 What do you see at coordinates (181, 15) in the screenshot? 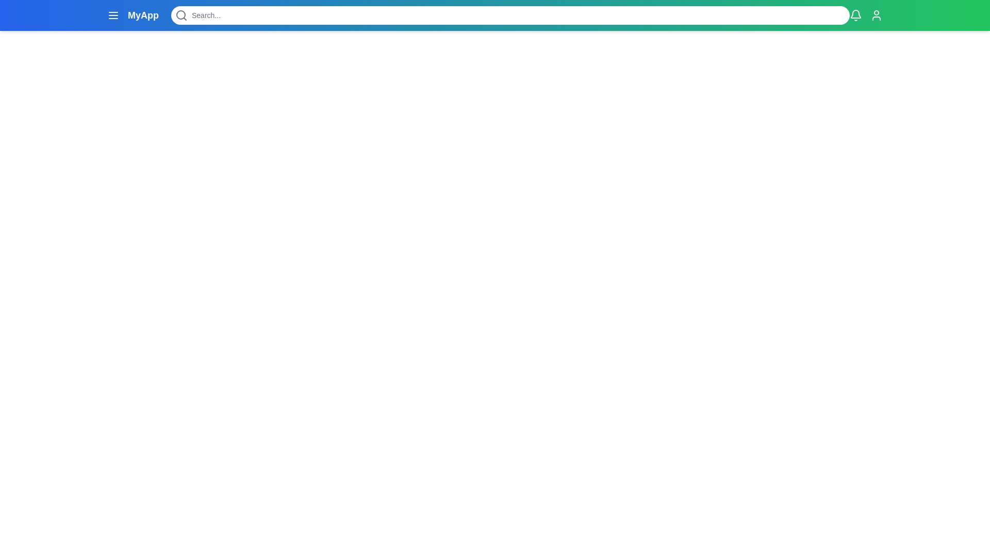
I see `the gray magnifying glass icon at the start of the search bar` at bounding box center [181, 15].